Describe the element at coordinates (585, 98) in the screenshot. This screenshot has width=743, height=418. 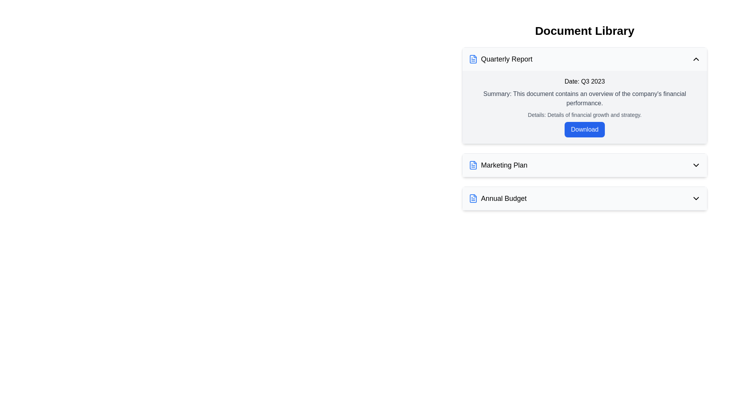
I see `informational text element summarizing the company's financial performance for Q3 2023, located beneath the 'Date: Q3 2023' text and above the 'Details: Details of financial growth and strategy.'` at that location.